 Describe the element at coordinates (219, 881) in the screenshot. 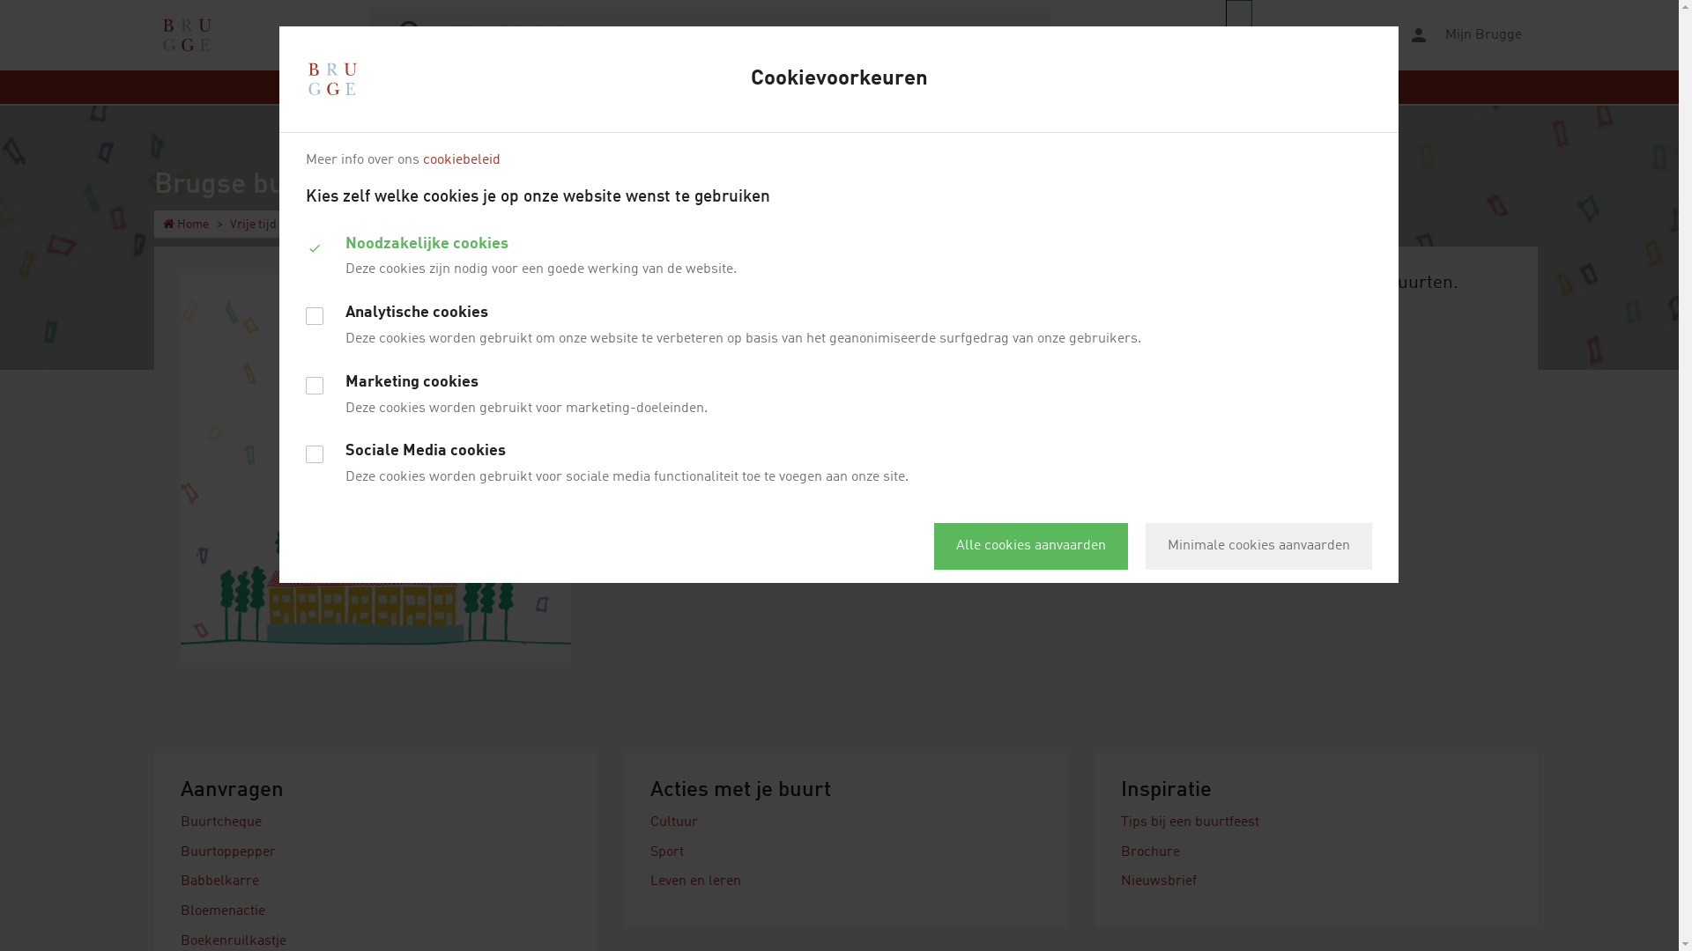

I see `'Babbelkarre'` at that location.